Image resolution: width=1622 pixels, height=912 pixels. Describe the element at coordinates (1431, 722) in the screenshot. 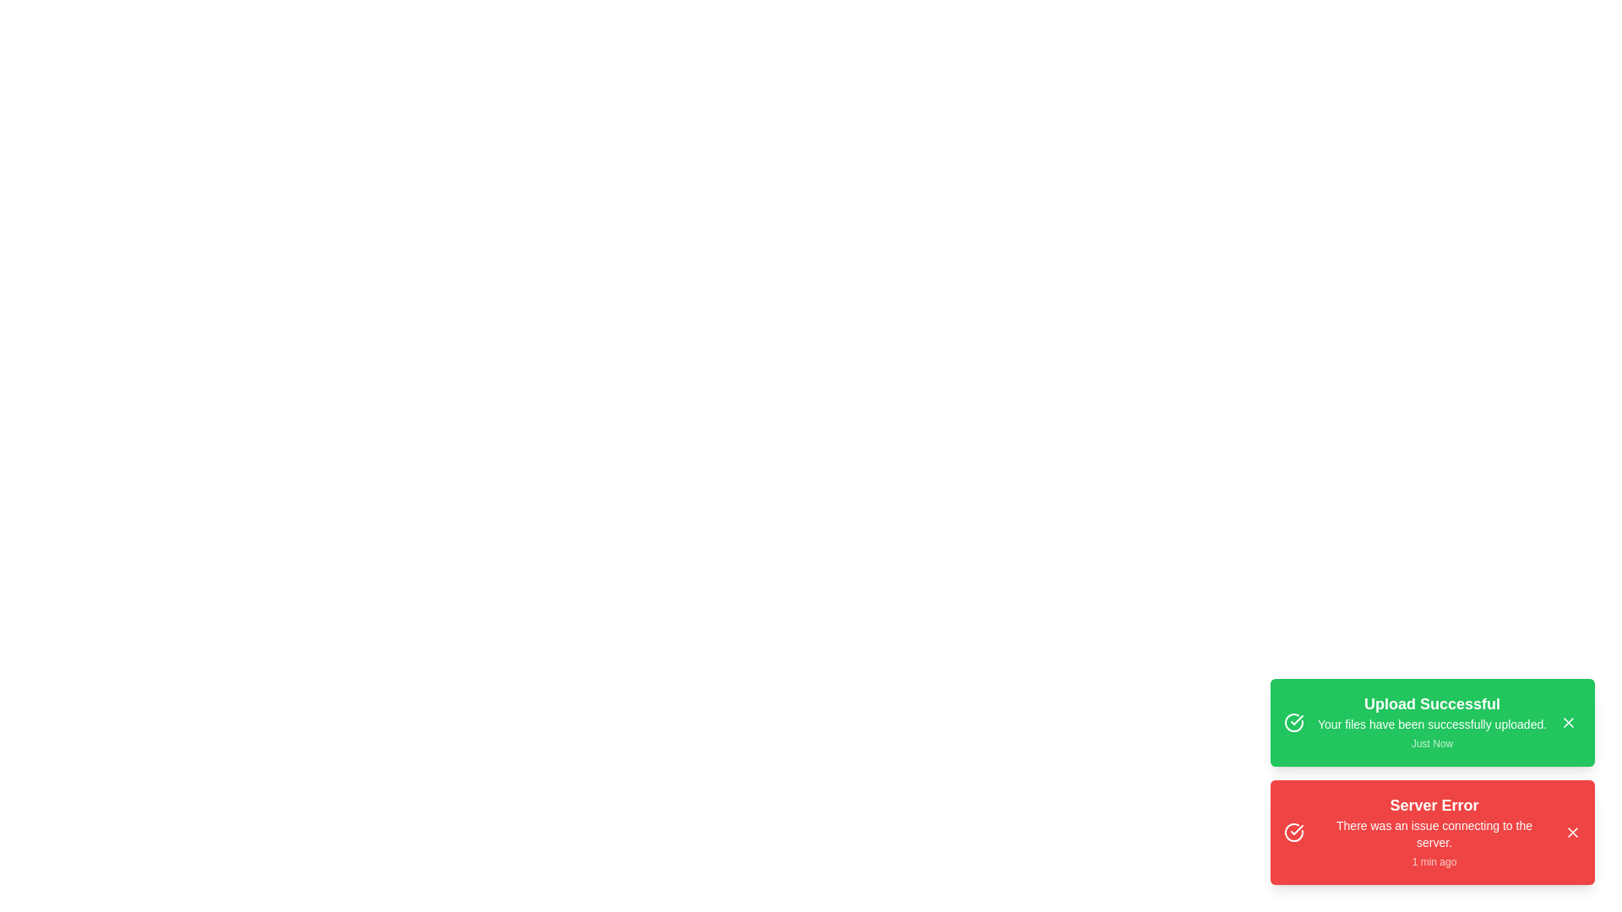

I see `the notification card to interact with it` at that location.